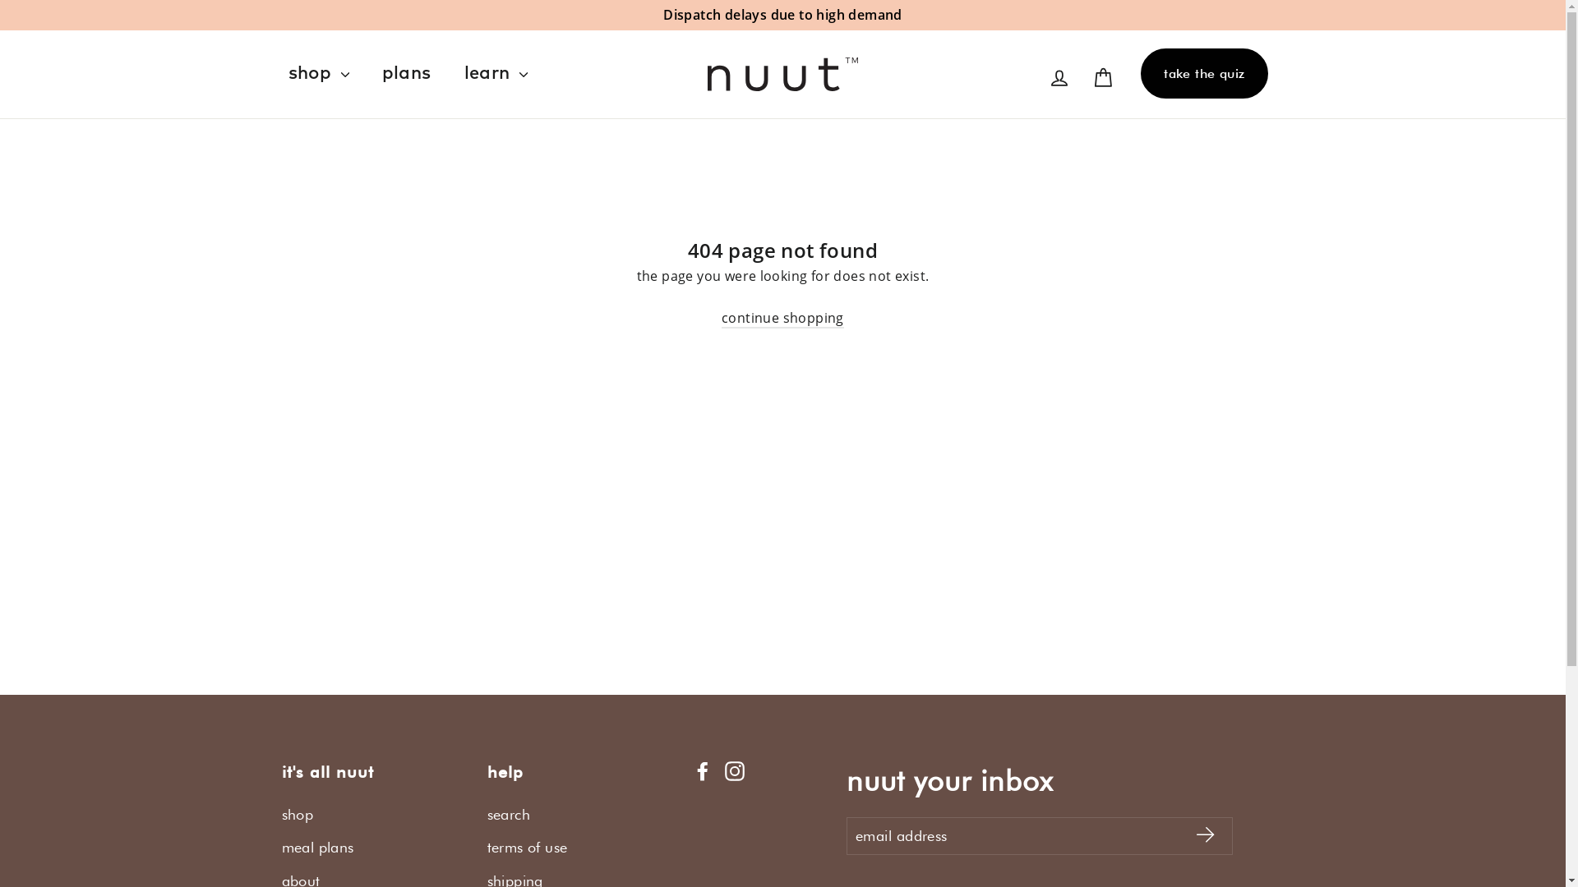  I want to click on 'skip to content', so click(0, 0).